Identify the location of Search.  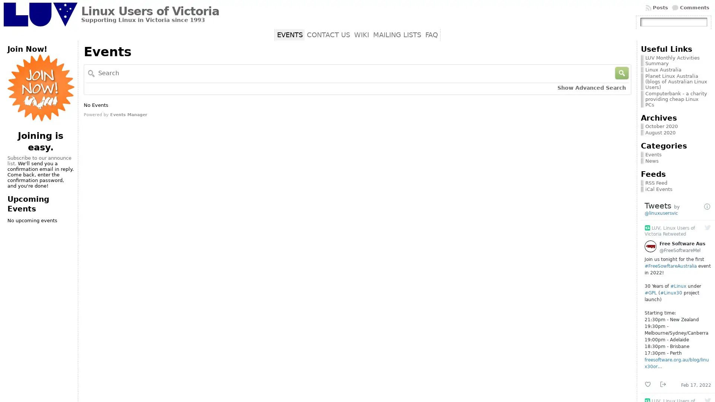
(622, 73).